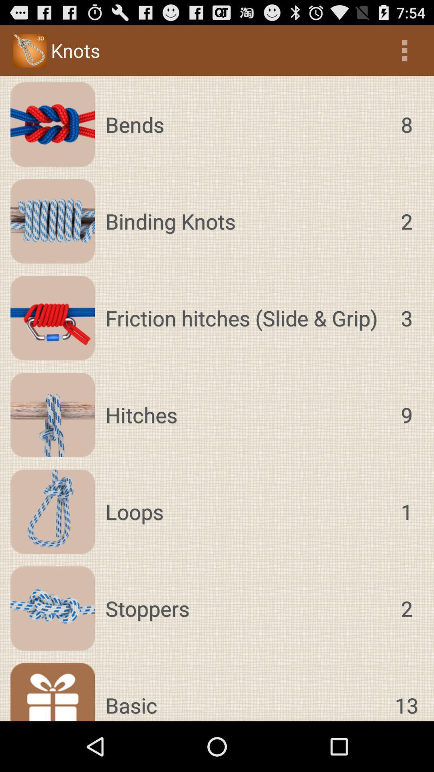  Describe the element at coordinates (245, 608) in the screenshot. I see `the icon above basic icon` at that location.